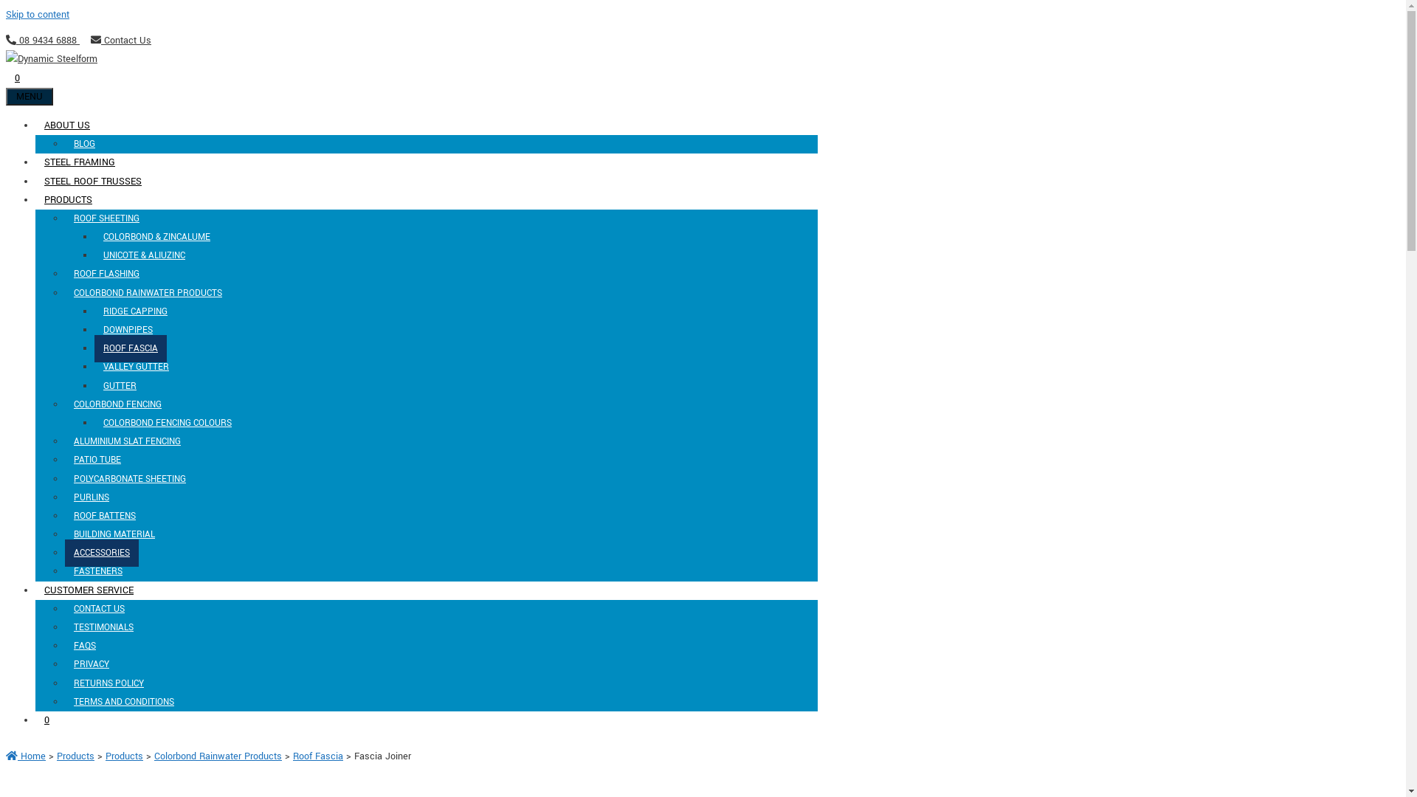 This screenshot has height=797, width=1417. What do you see at coordinates (84, 645) in the screenshot?
I see `'FAQS'` at bounding box center [84, 645].